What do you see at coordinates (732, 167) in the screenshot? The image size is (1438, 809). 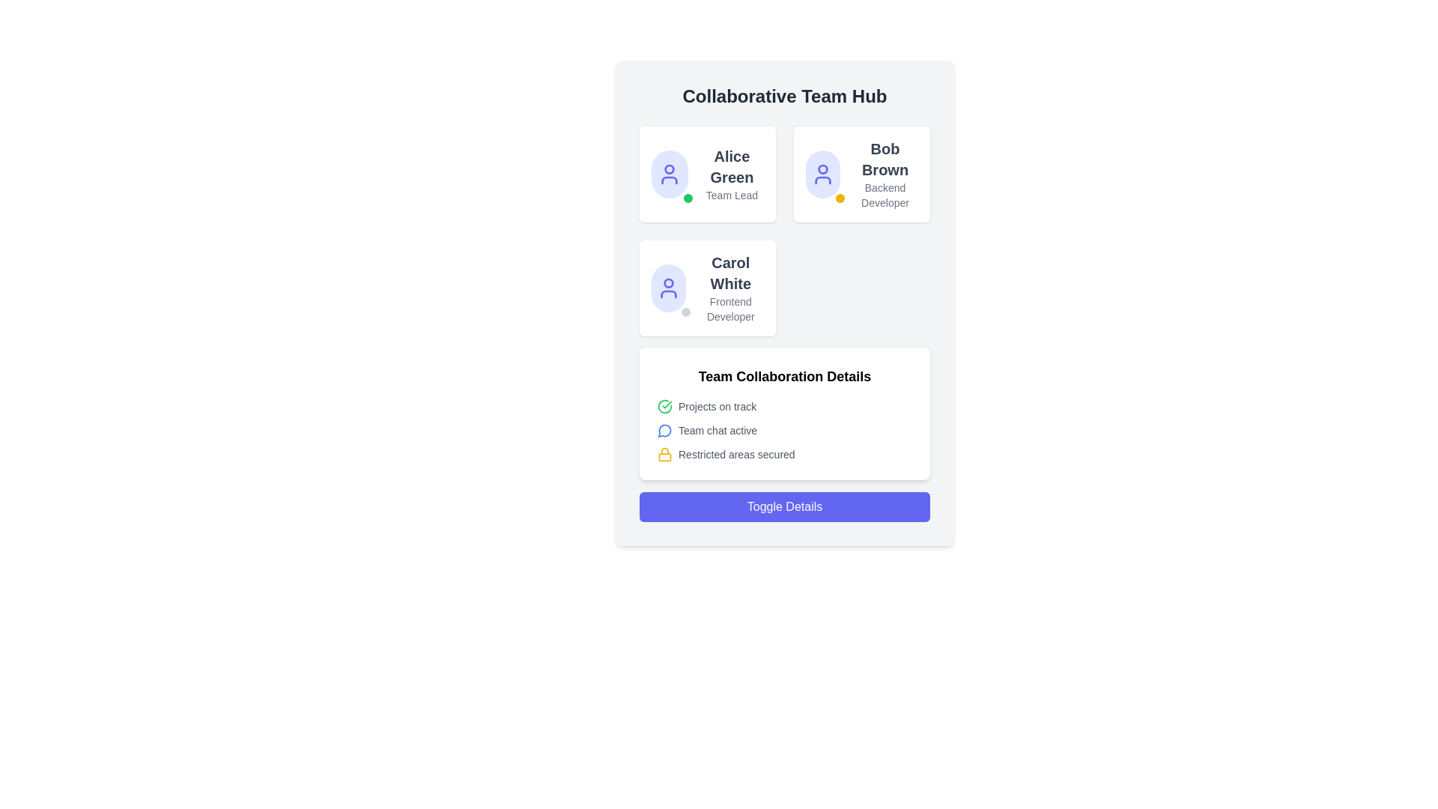 I see `the text label displaying 'Alice Green', which is styled in bold dark gray and is located in the upper-left section of the interface under 'Collaborative Team Hub'` at bounding box center [732, 167].